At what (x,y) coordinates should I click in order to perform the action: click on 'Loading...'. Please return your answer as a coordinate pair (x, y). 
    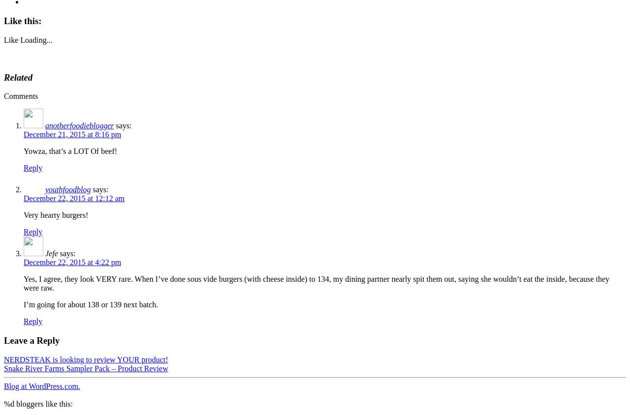
    Looking at the image, I should click on (36, 39).